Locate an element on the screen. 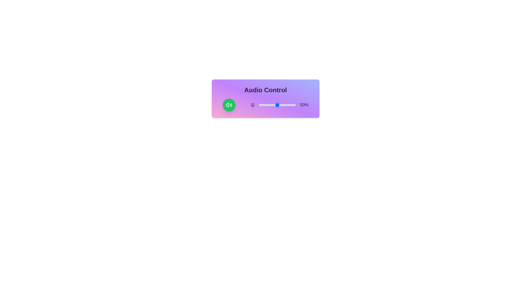 Image resolution: width=512 pixels, height=288 pixels. the volume slider to 48% is located at coordinates (277, 105).